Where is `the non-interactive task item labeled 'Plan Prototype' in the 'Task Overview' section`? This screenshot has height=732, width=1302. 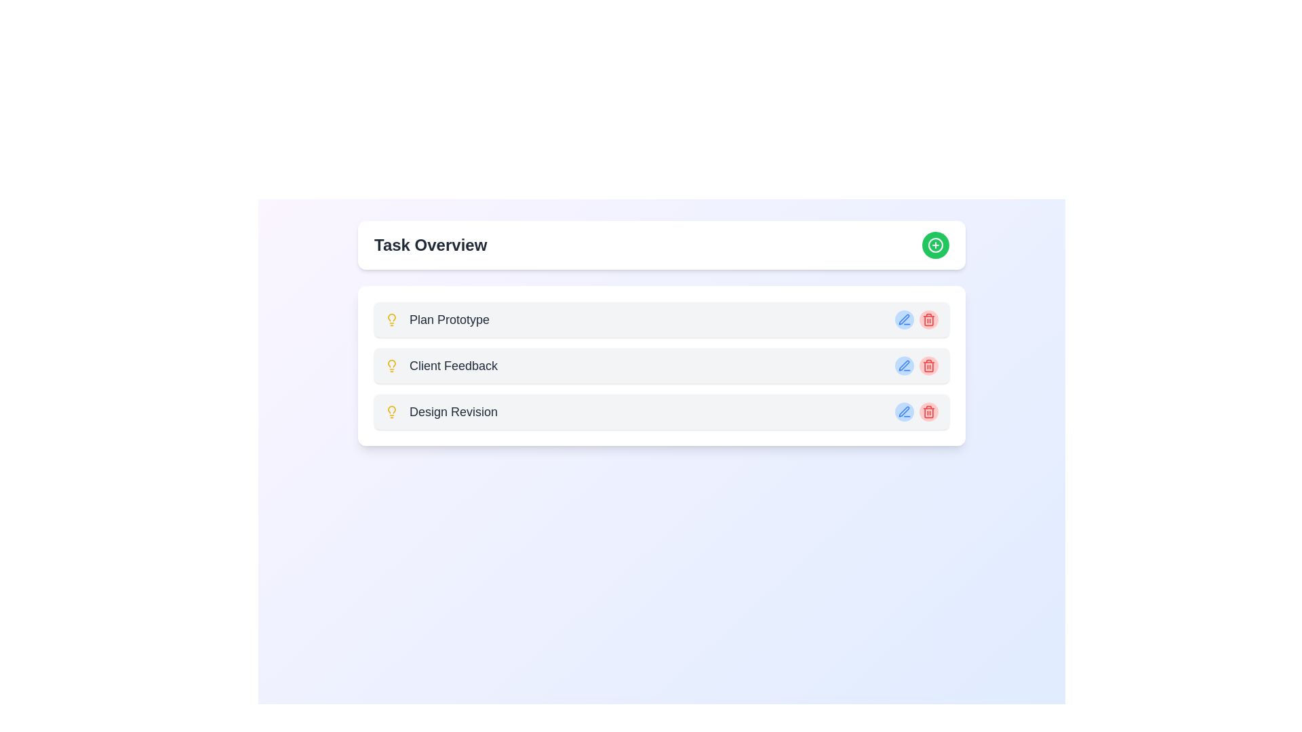 the non-interactive task item labeled 'Plan Prototype' in the 'Task Overview' section is located at coordinates (437, 319).